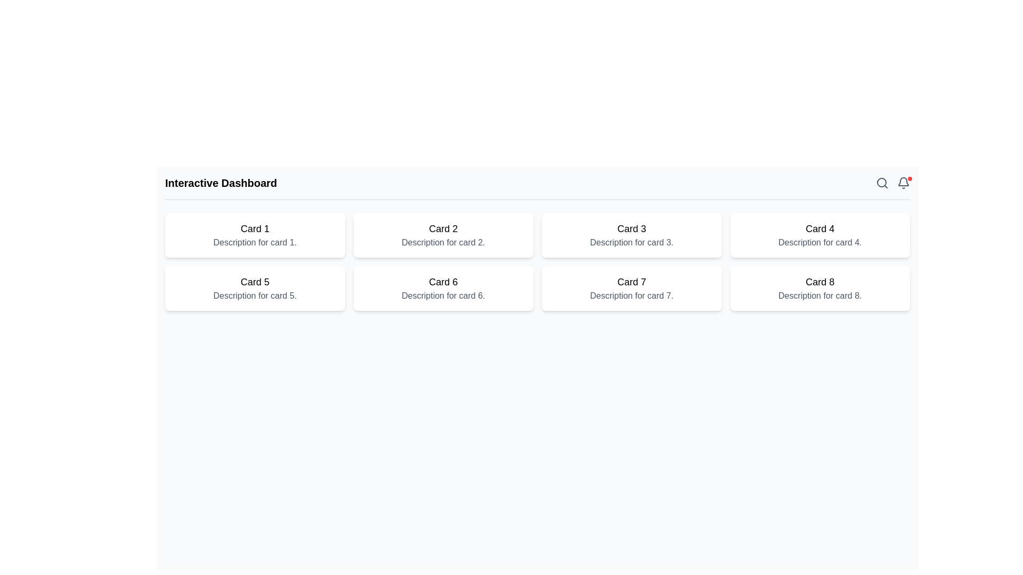 The width and height of the screenshot is (1023, 575). What do you see at coordinates (819, 281) in the screenshot?
I see `the static text label reading 'Card 8', which is styled with a large and bold font and located at the top of the card in the second row, fourth column of the grid layout` at bounding box center [819, 281].